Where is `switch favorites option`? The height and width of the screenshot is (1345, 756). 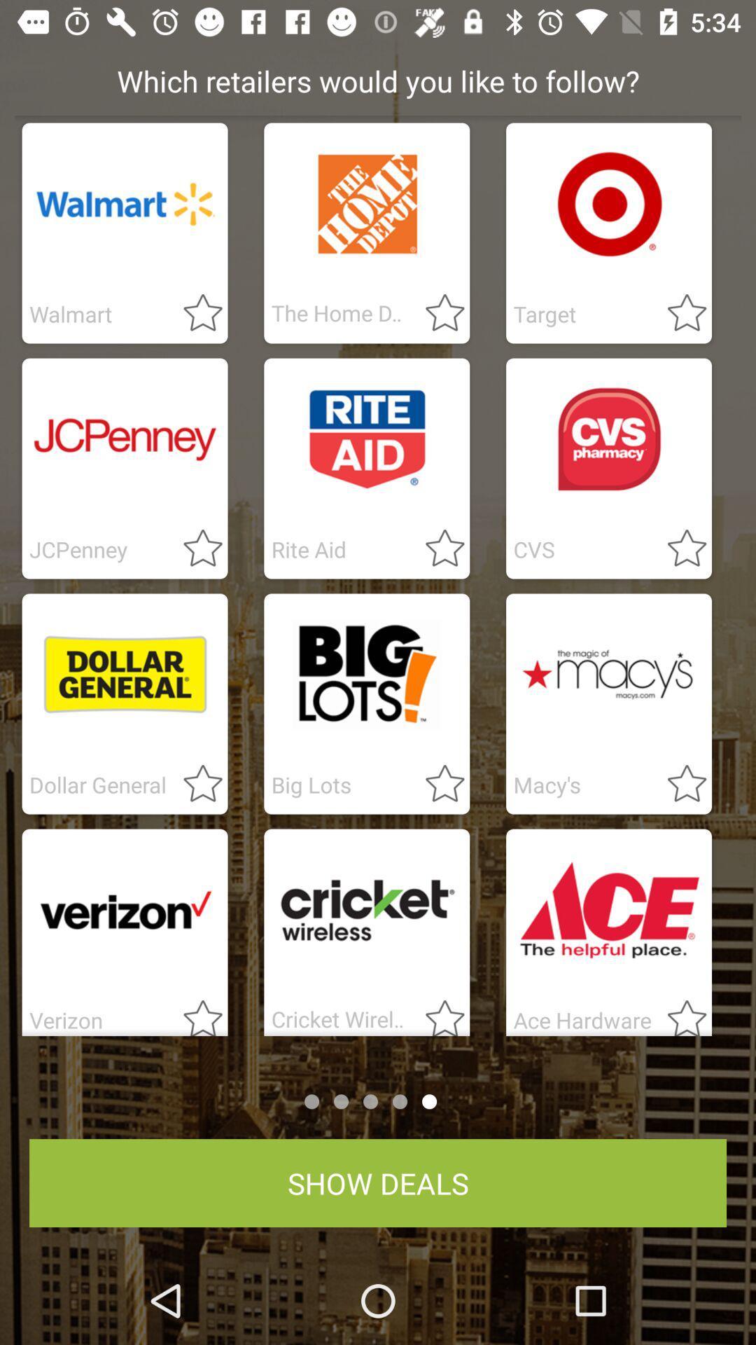
switch favorites option is located at coordinates (678, 785).